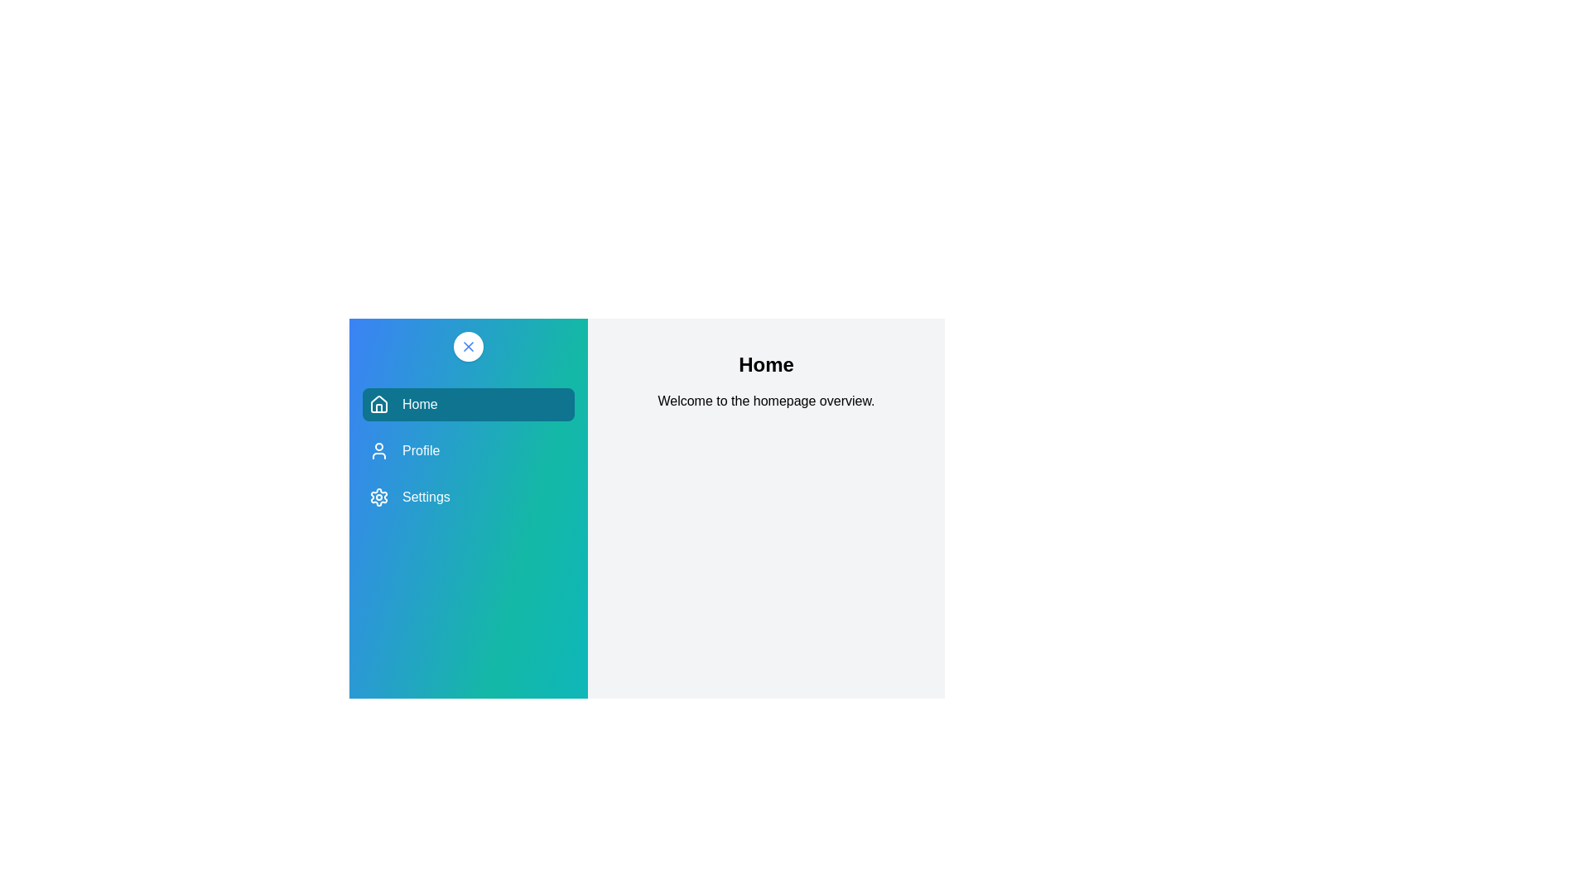  What do you see at coordinates (468, 450) in the screenshot?
I see `the Profile tab from the sidebar menu` at bounding box center [468, 450].